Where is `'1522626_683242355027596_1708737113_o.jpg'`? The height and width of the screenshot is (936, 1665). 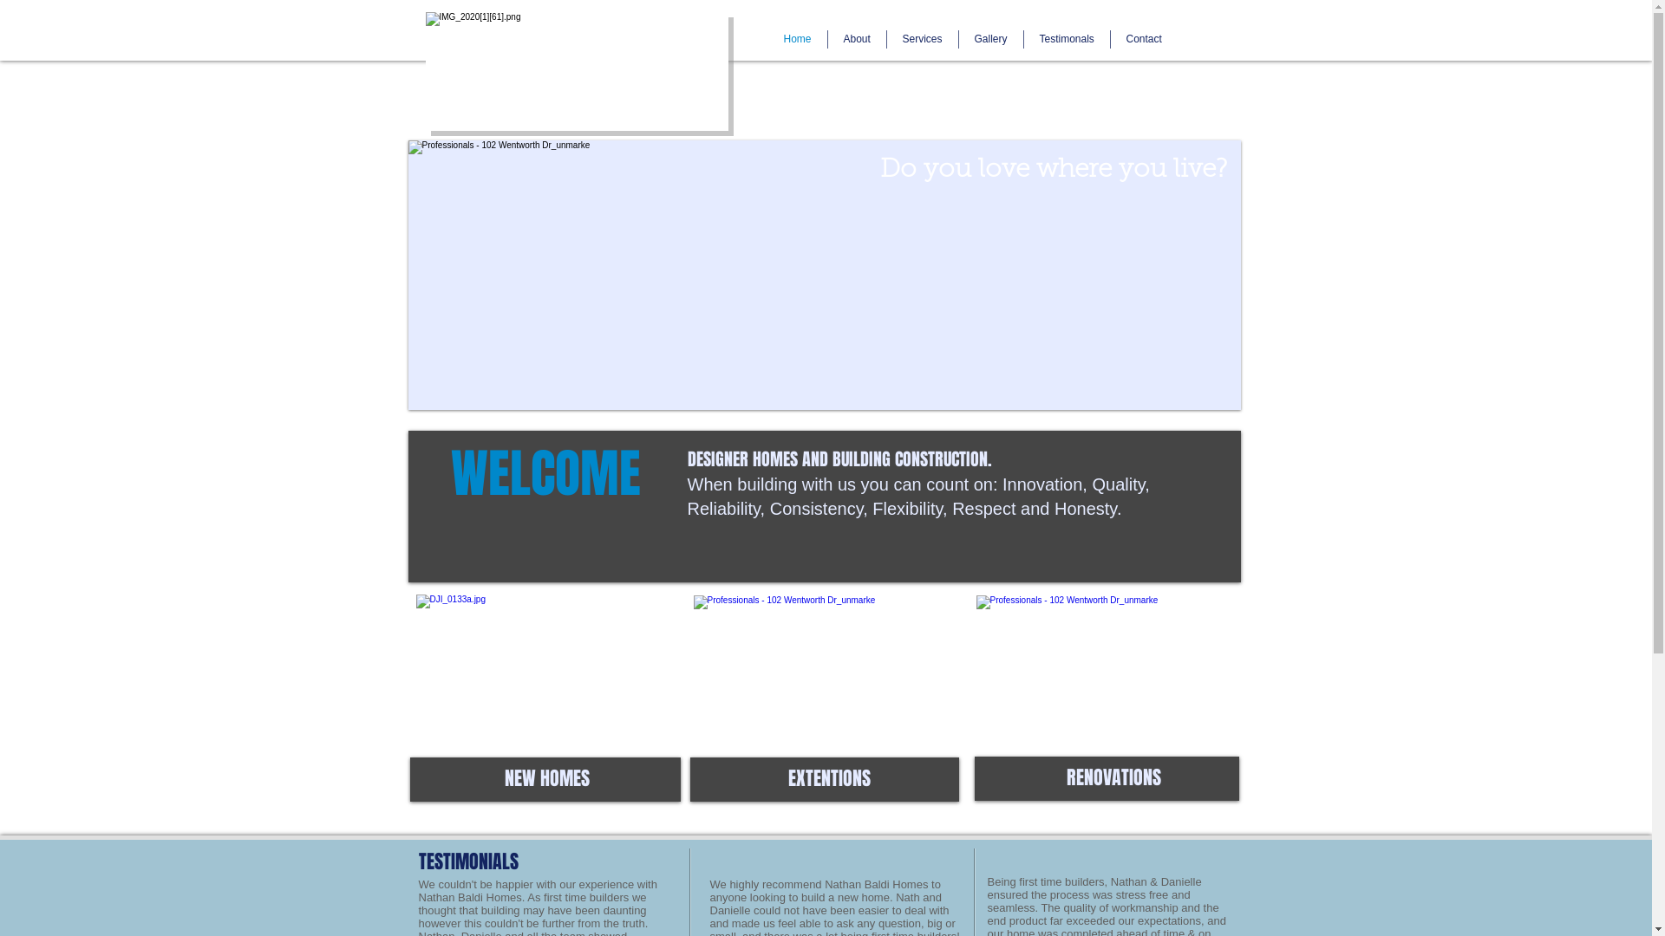
'1522626_683242355027596_1708737113_o.jpg' is located at coordinates (694, 670).